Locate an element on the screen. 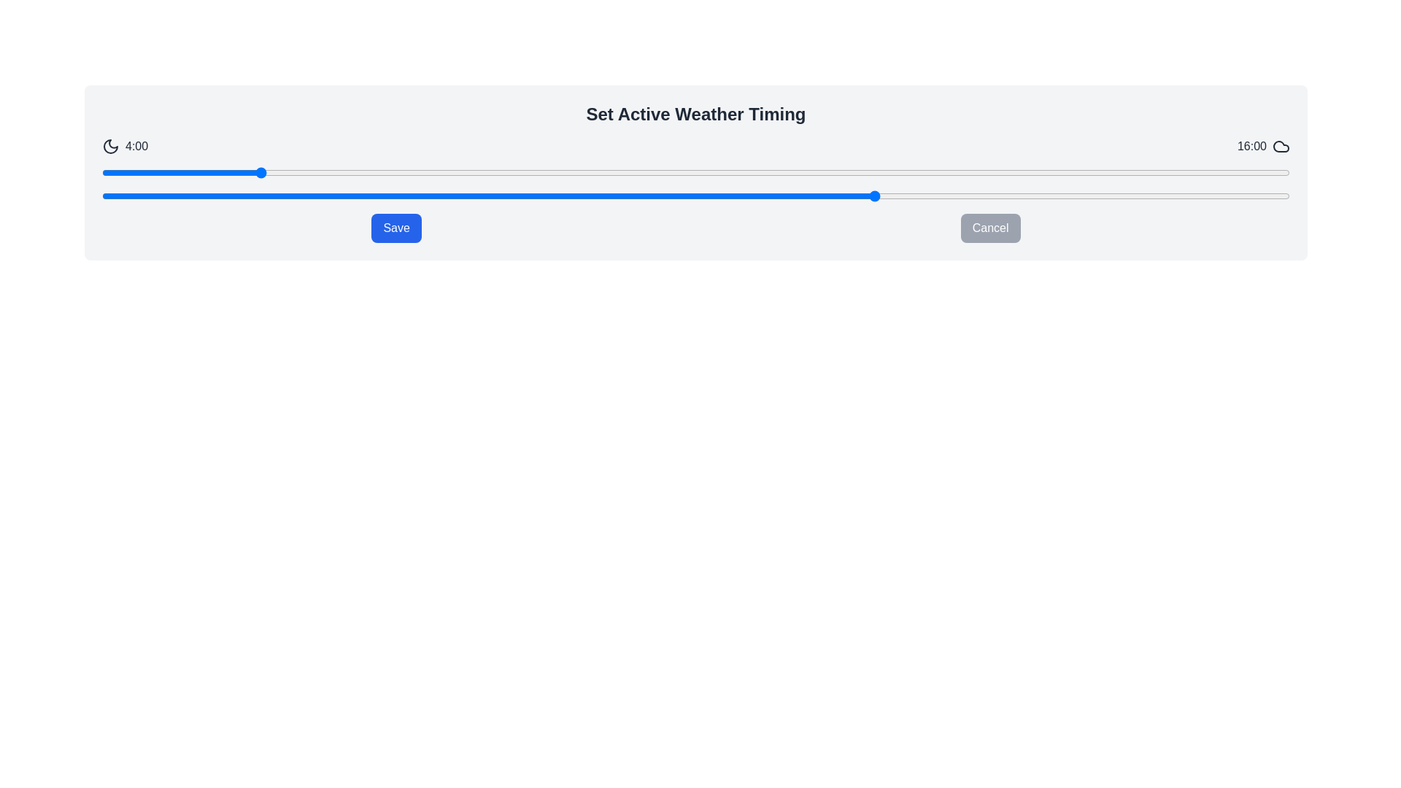  the 'Cancel' button, which has a gray background and white text, positioned to the right of the 'Save' button is located at coordinates (990, 228).